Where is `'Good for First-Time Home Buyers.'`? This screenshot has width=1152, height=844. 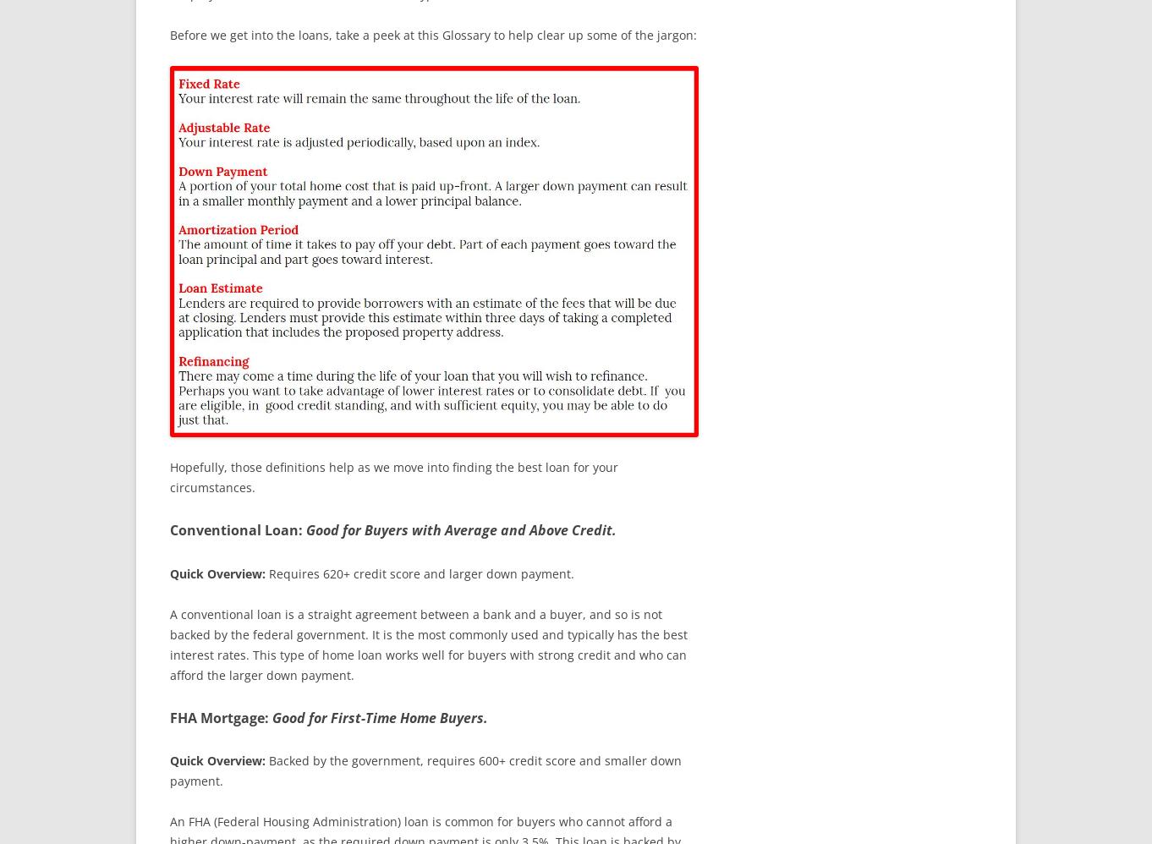 'Good for First-Time Home Buyers.' is located at coordinates (380, 717).